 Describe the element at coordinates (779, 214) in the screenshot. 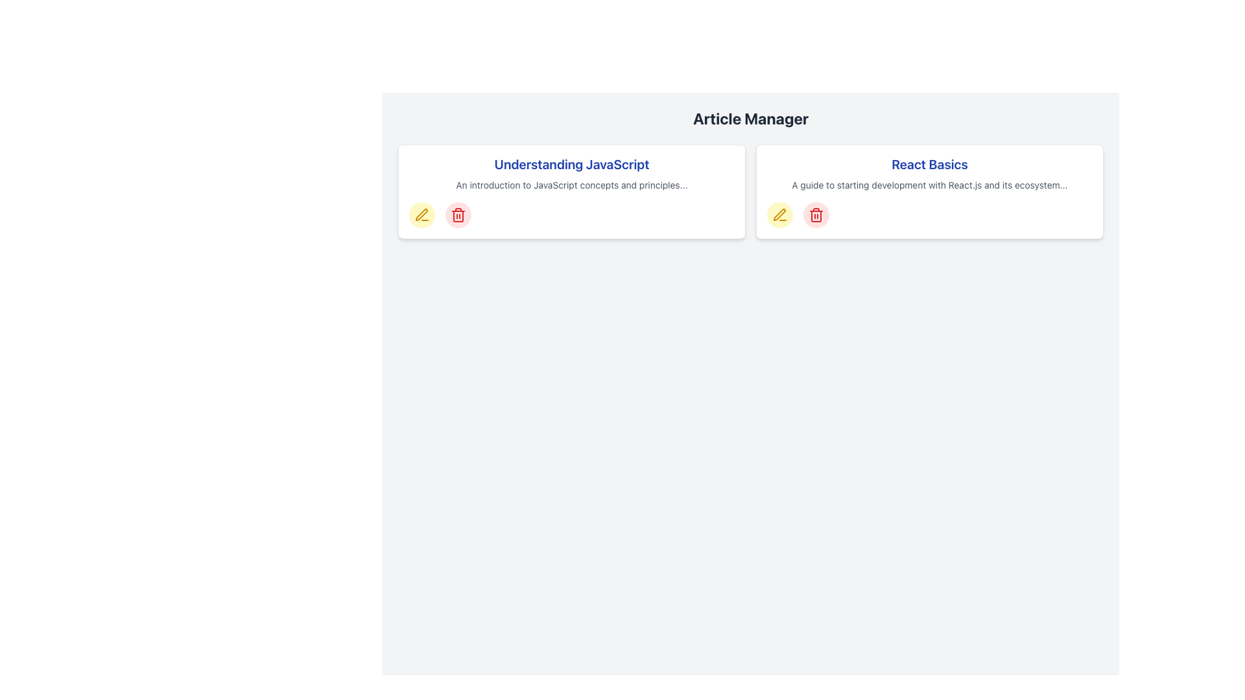

I see `the icon within the yellow circle button located at the top-left corner of the 'React Basics' card for keyboard navigation` at that location.